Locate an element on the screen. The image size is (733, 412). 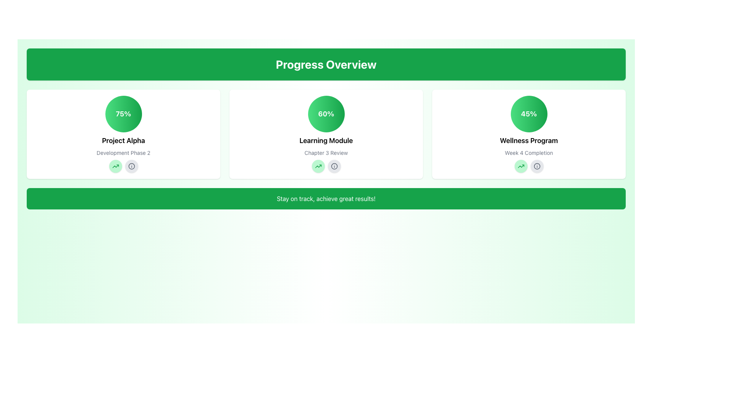
the text label displaying 'Development Phase 2', which is styled in small gray font and positioned below 'Project Alpha' is located at coordinates (123, 153).